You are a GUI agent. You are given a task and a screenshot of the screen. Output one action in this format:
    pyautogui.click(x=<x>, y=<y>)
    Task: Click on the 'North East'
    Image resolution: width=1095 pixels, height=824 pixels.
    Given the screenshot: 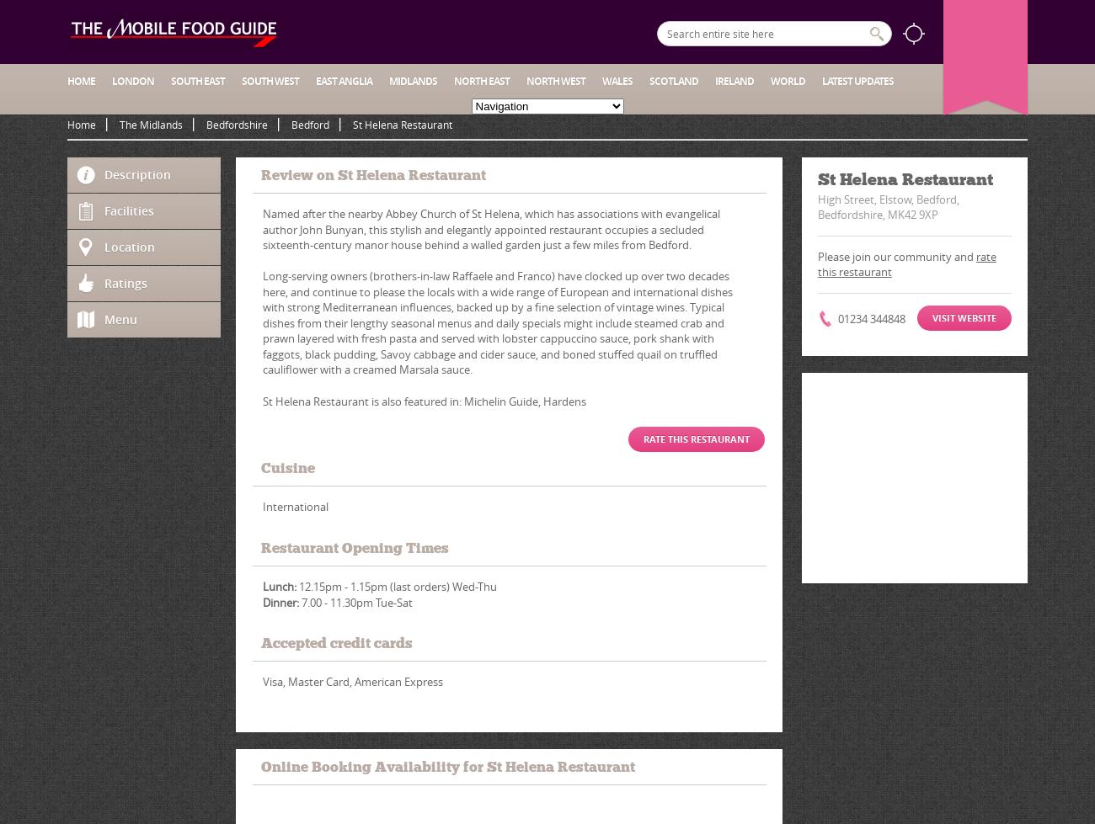 What is the action you would take?
    pyautogui.click(x=481, y=81)
    